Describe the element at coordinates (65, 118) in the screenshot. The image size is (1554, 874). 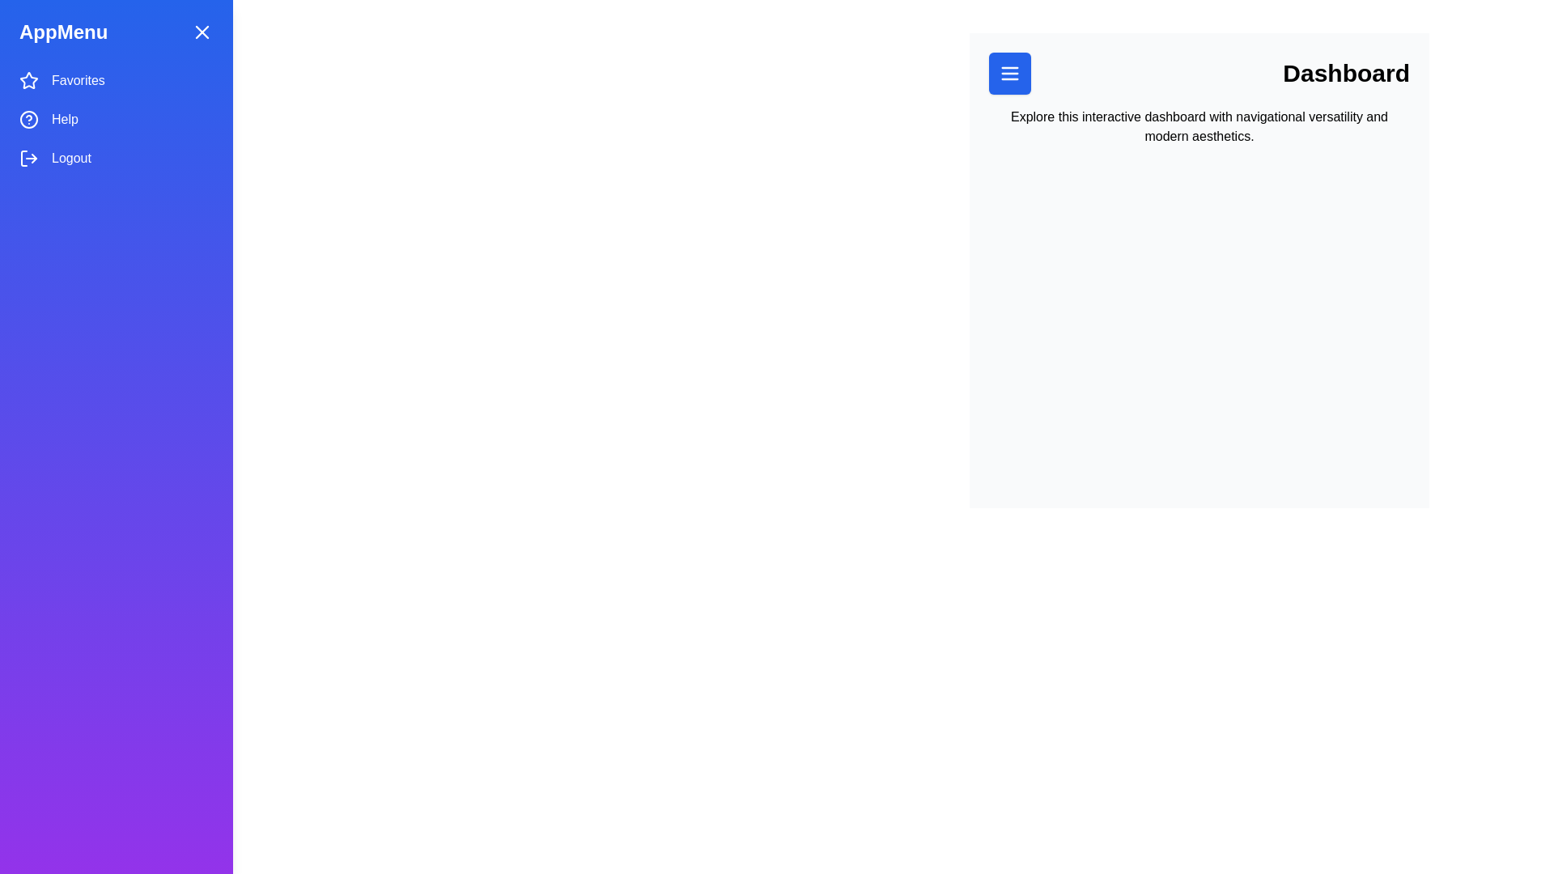
I see `'Help' label element, which is styled in white font against a blue gradient background, located in the 'AppMenu' interface, positioned below 'Favorites' and above 'Logout'` at that location.